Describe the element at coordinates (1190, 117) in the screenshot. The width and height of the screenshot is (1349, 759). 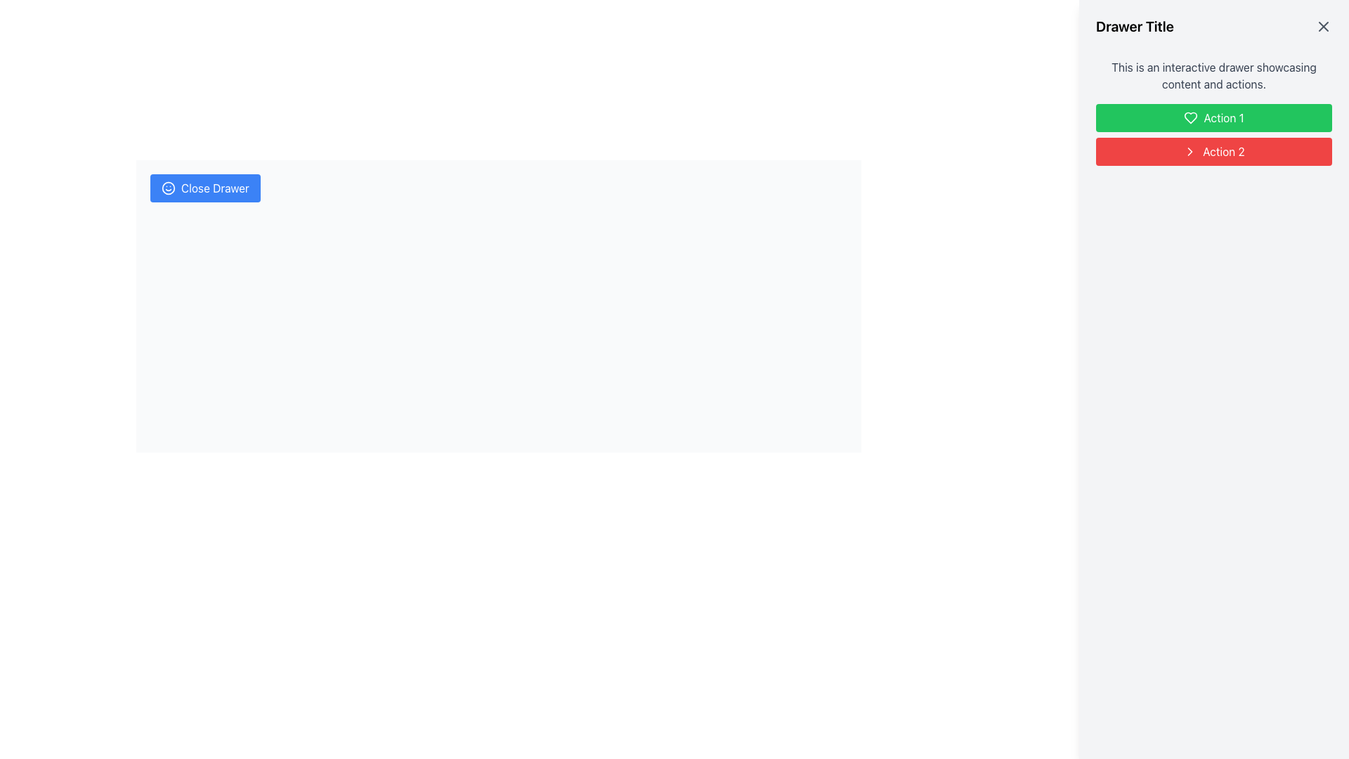
I see `the green rectangular button labeled 'Action 1' that contains the Icon representing a selection or favorite action` at that location.